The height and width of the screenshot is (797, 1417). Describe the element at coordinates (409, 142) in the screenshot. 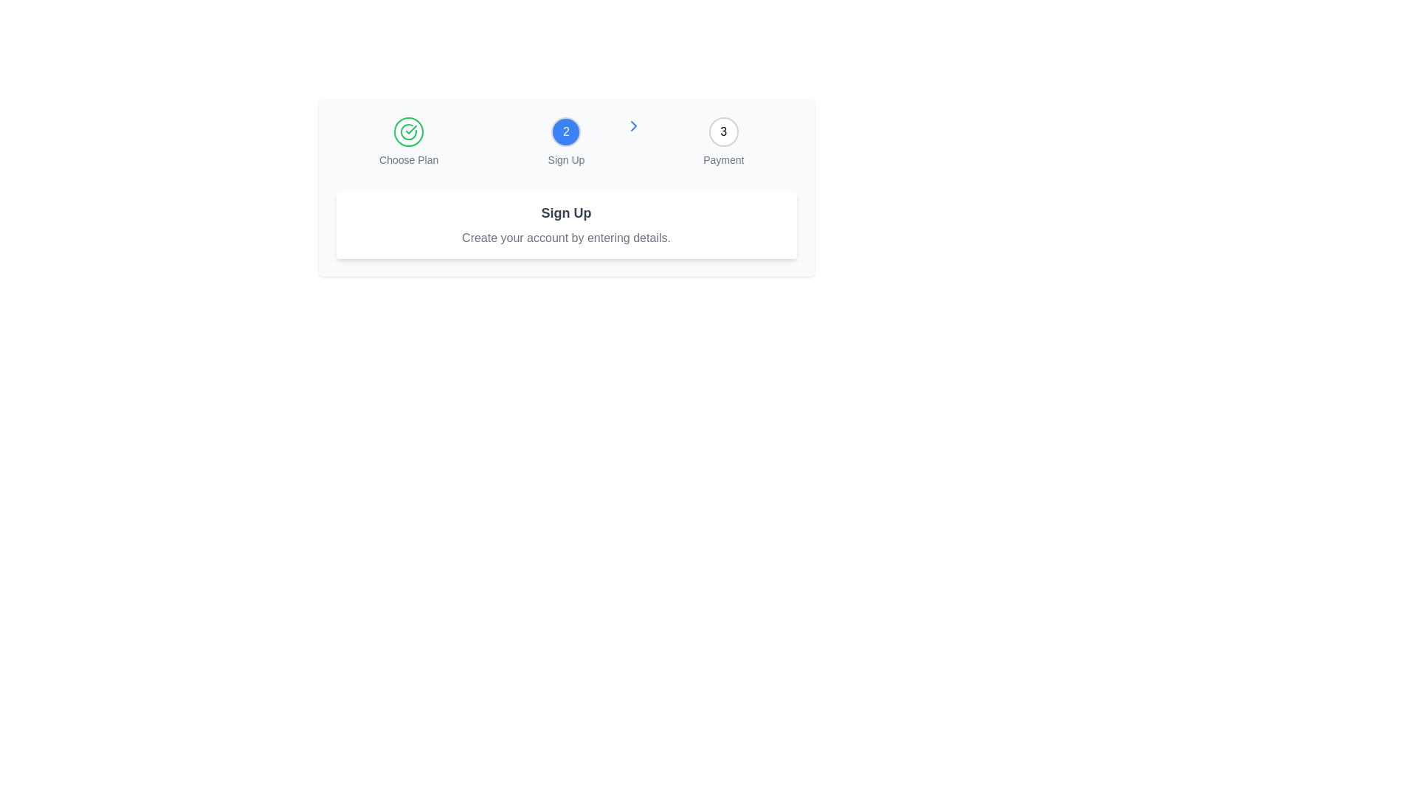

I see `text 'Choose Plan' from the circular green icon with a check mark located at the top-left section of the layout` at that location.